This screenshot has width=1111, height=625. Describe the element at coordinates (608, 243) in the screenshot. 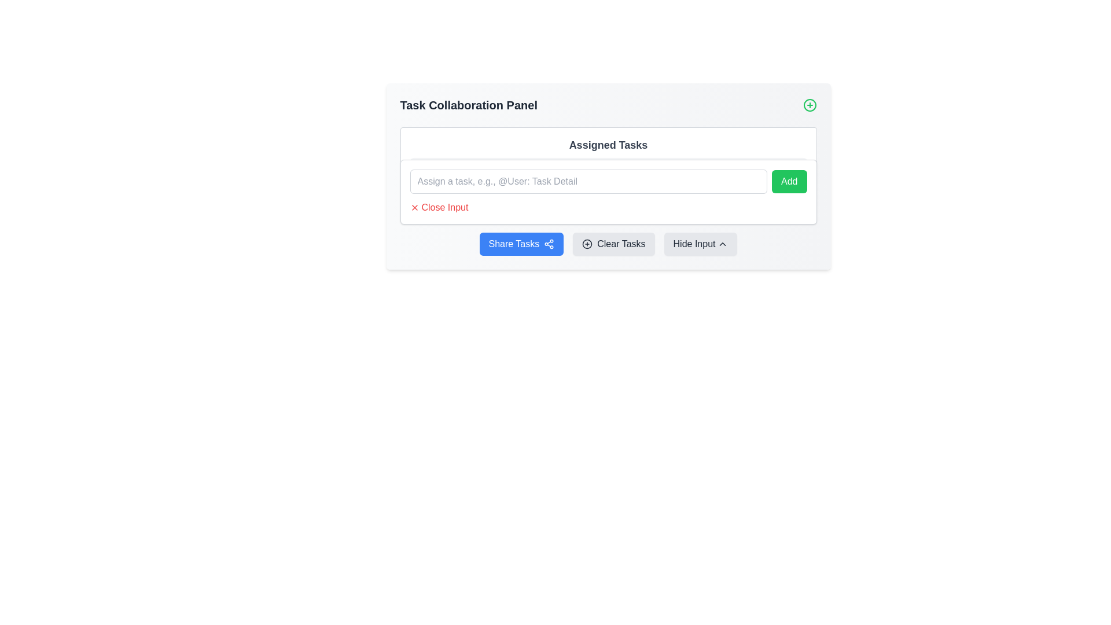

I see `the group of buttons located at the bottom of the assigned tasks section` at that location.